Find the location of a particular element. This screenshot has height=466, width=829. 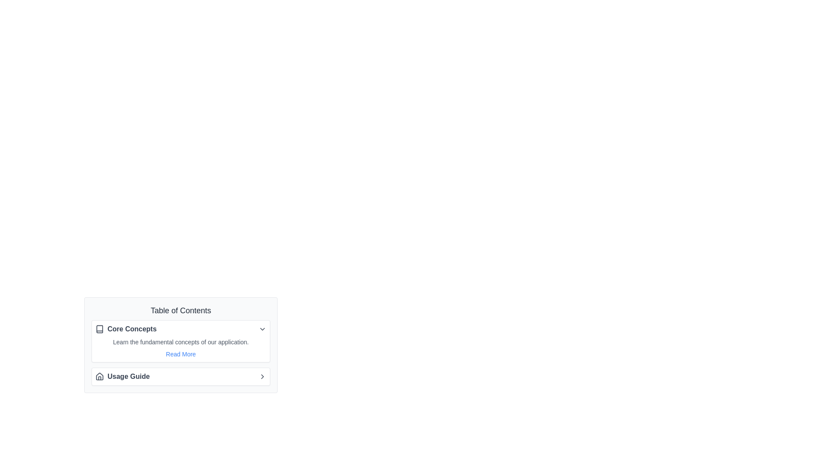

the 'Read More' hyperlink located in the center-right area of the 'Core Concepts' box is located at coordinates (180, 347).